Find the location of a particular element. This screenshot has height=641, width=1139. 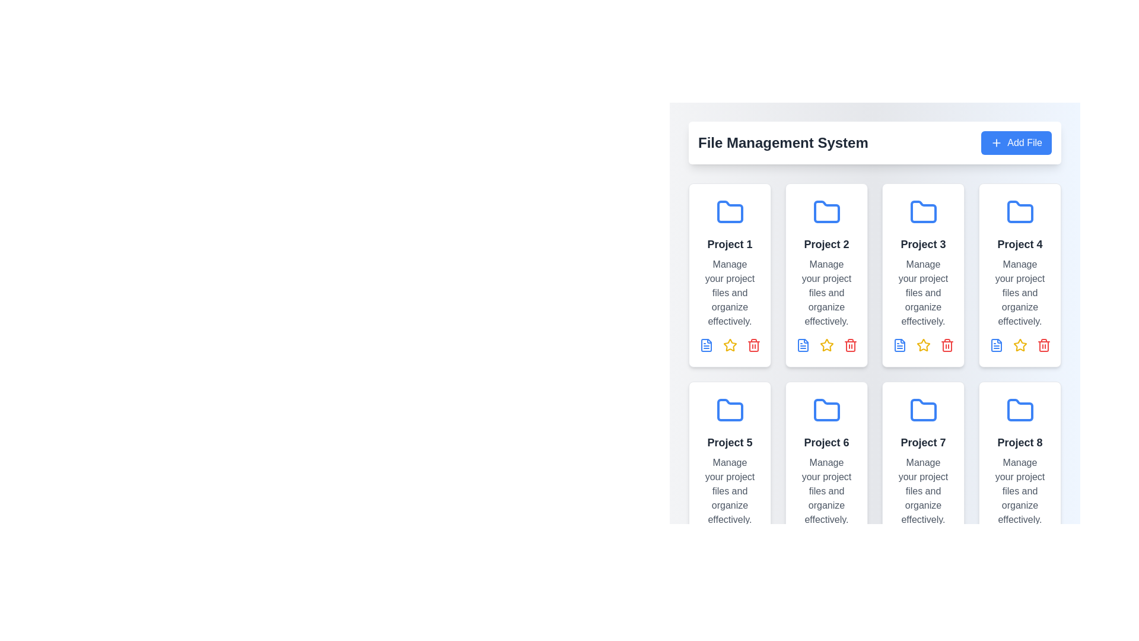

the rectangular button with a blue background and white text reading 'Add File' to activate the hover effect is located at coordinates (1016, 142).